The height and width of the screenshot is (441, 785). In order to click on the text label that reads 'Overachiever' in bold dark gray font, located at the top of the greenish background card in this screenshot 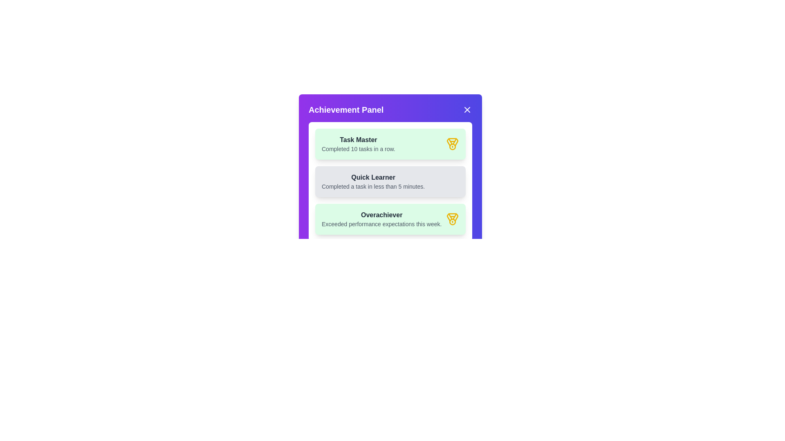, I will do `click(381, 215)`.